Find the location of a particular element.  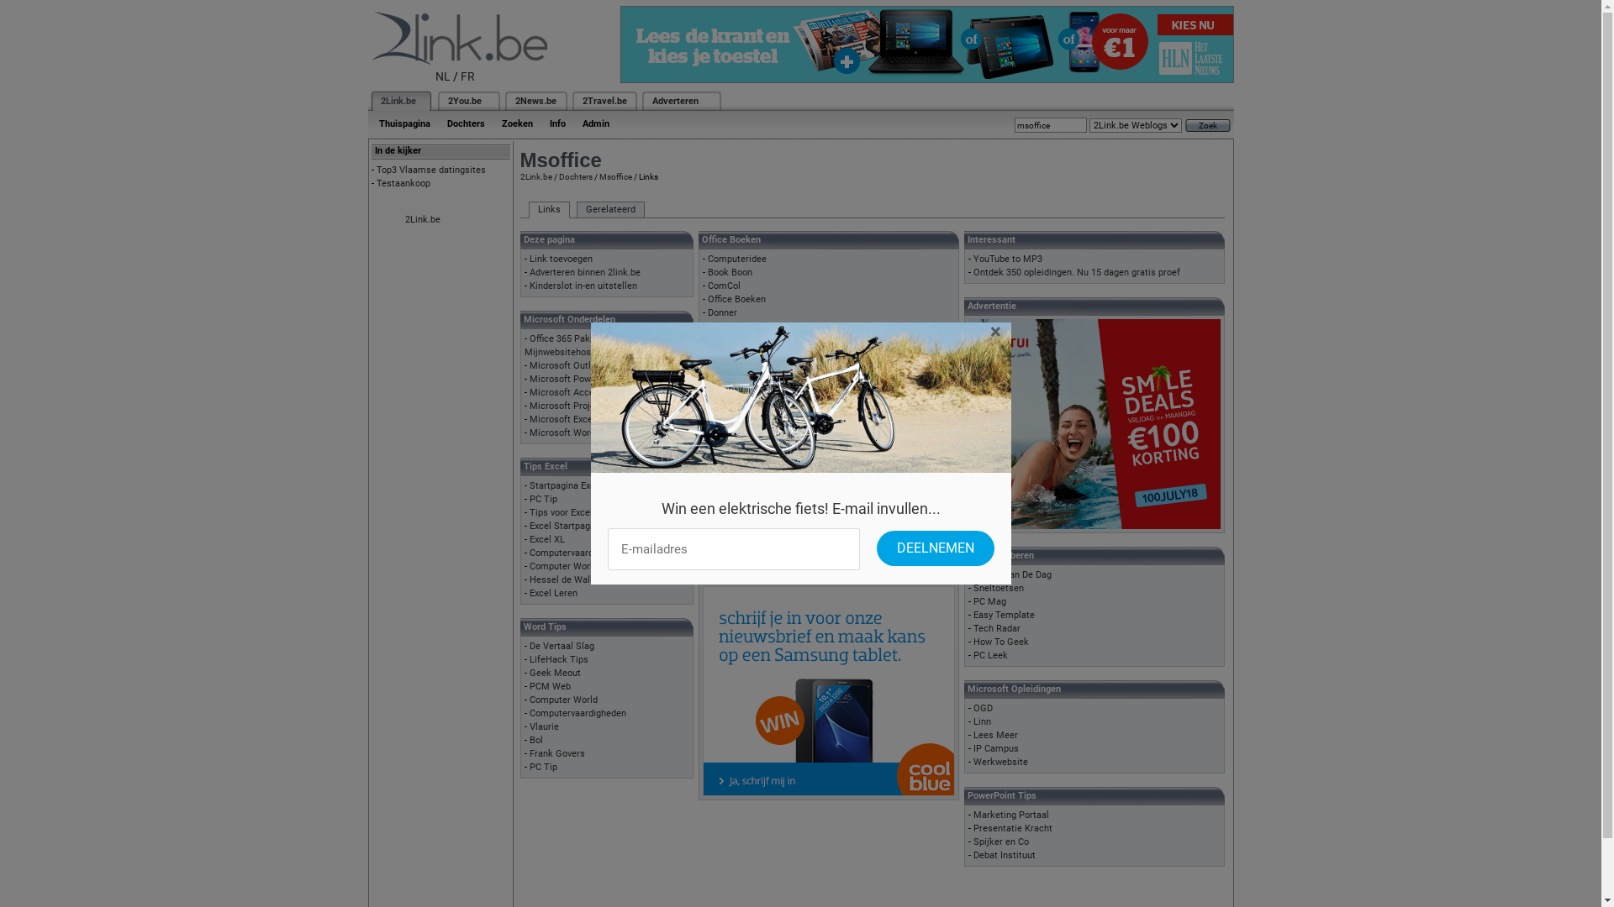

'Startpagina Excel' is located at coordinates (566, 485).